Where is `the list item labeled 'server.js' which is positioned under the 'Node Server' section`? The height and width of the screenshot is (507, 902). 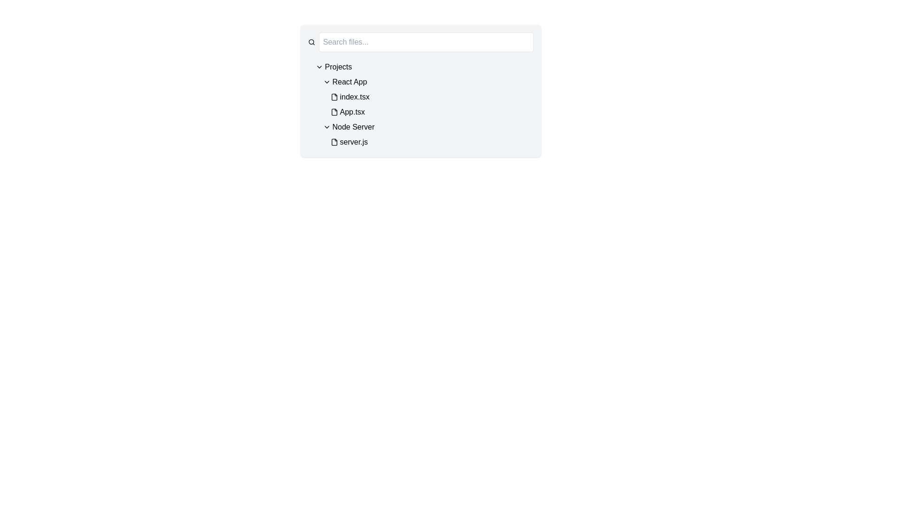 the list item labeled 'server.js' which is positioned under the 'Node Server' section is located at coordinates (431, 142).